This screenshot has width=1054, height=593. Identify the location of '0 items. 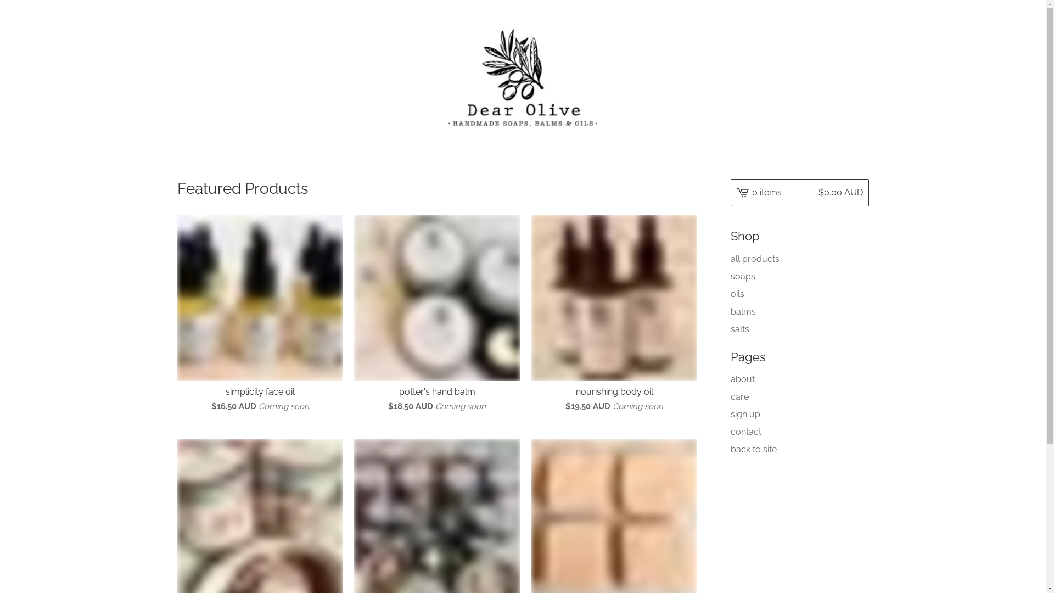
(730, 192).